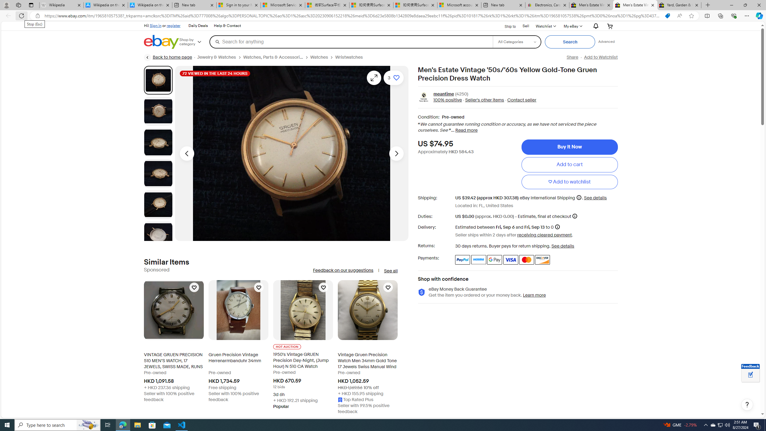 The height and width of the screenshot is (431, 766). I want to click on 'Sign in to your Microsoft account', so click(238, 5).